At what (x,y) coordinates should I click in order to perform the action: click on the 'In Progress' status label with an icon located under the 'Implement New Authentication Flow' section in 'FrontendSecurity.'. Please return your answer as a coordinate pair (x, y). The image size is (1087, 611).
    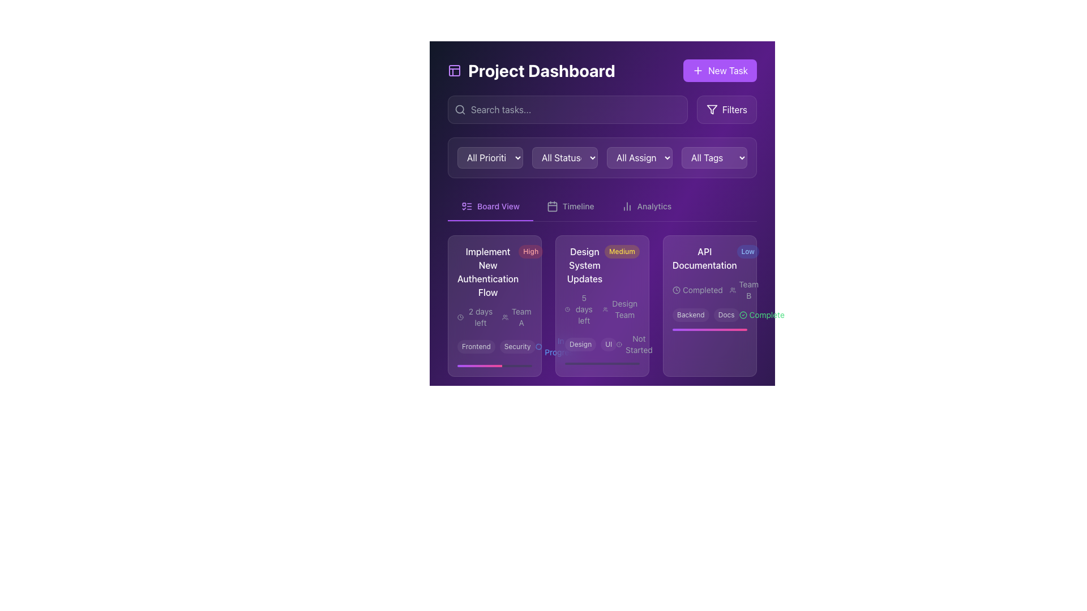
    Looking at the image, I should click on (557, 346).